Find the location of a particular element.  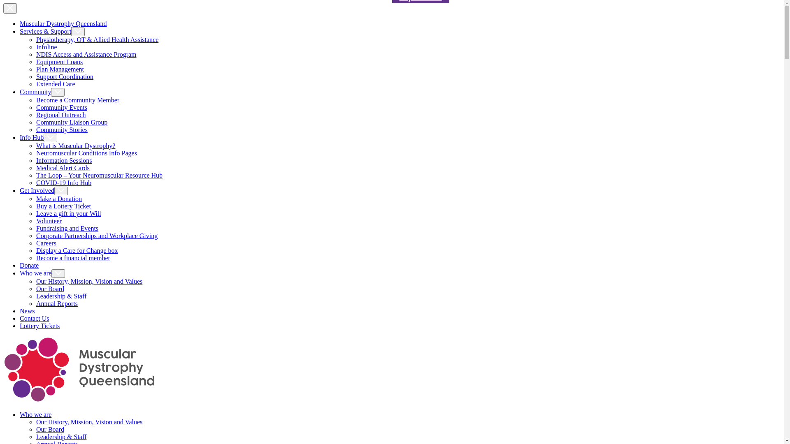

'COVID-19 Info Hub' is located at coordinates (63, 182).